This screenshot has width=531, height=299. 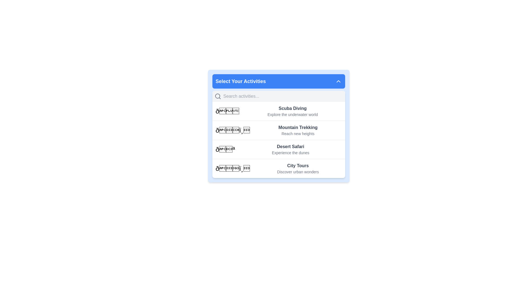 What do you see at coordinates (278, 111) in the screenshot?
I see `the first selectable menu item for 'Scuba Diving'` at bounding box center [278, 111].